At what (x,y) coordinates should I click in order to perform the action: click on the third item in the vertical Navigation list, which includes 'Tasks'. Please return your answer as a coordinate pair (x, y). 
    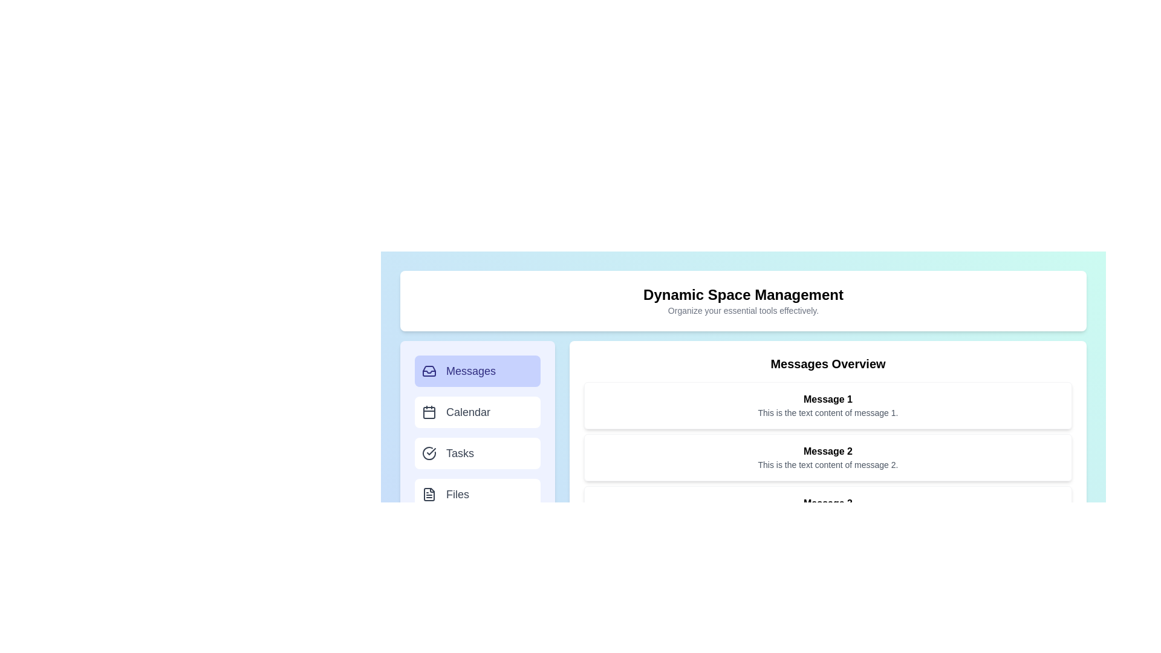
    Looking at the image, I should click on (477, 444).